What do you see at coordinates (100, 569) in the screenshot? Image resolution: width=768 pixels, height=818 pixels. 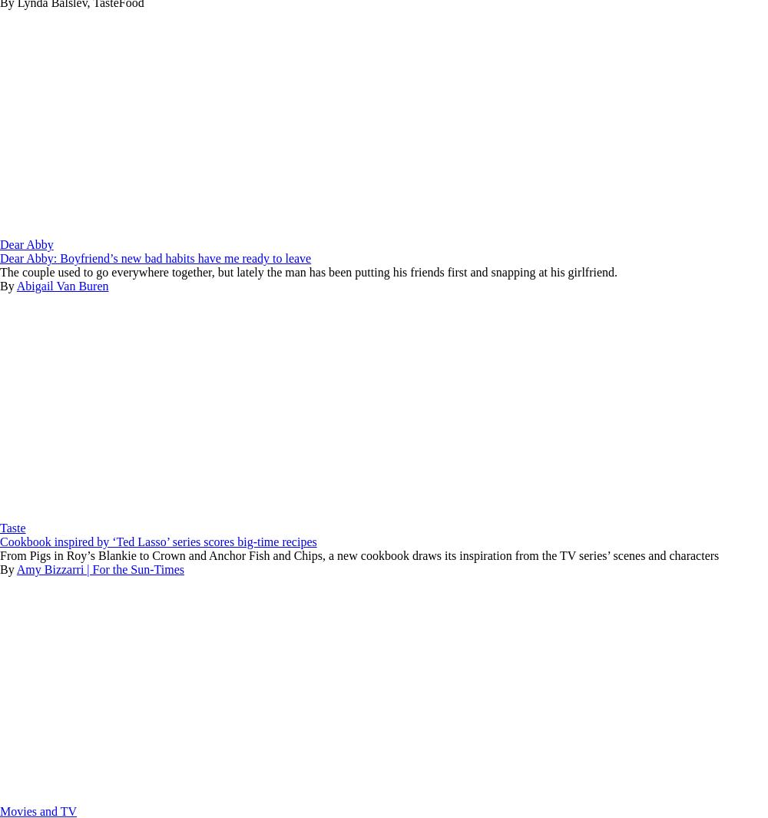 I see `'Amy Bizzarri | For the Sun-Times'` at bounding box center [100, 569].